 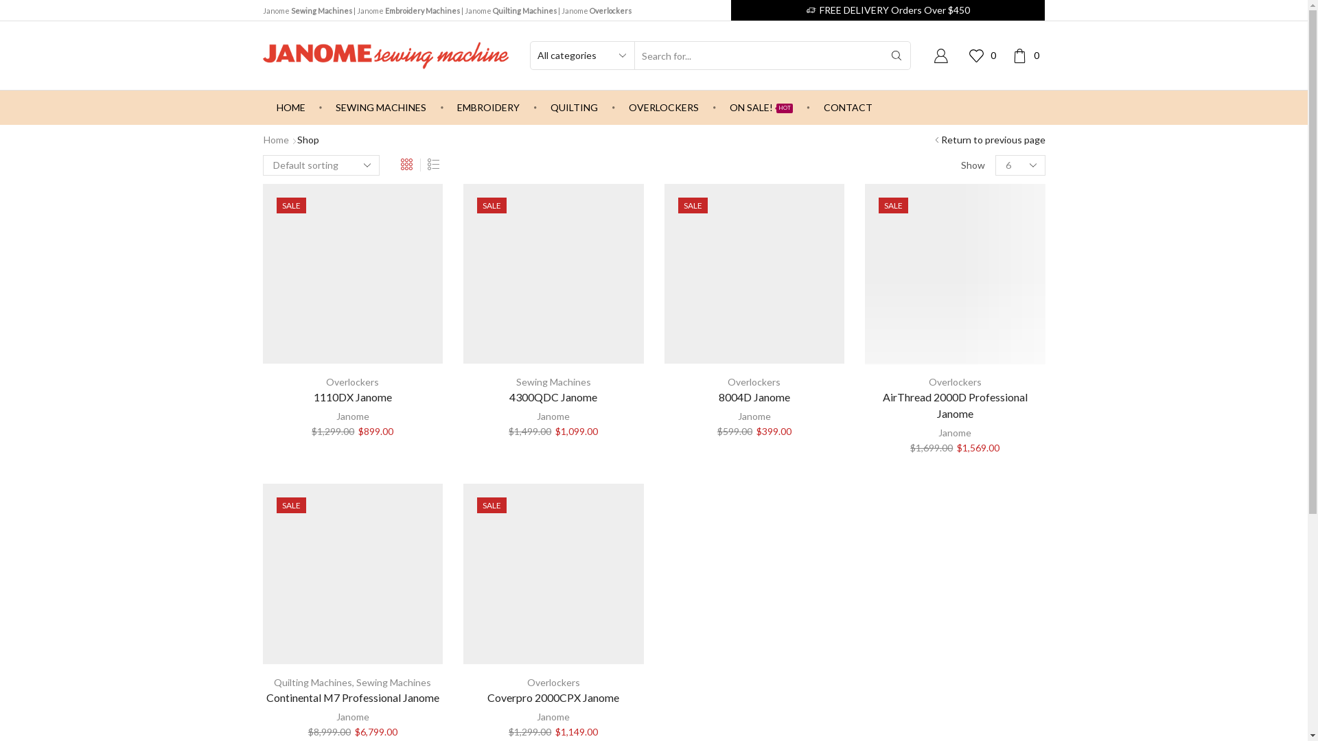 I want to click on 'EMBROIDERY', so click(x=443, y=107).